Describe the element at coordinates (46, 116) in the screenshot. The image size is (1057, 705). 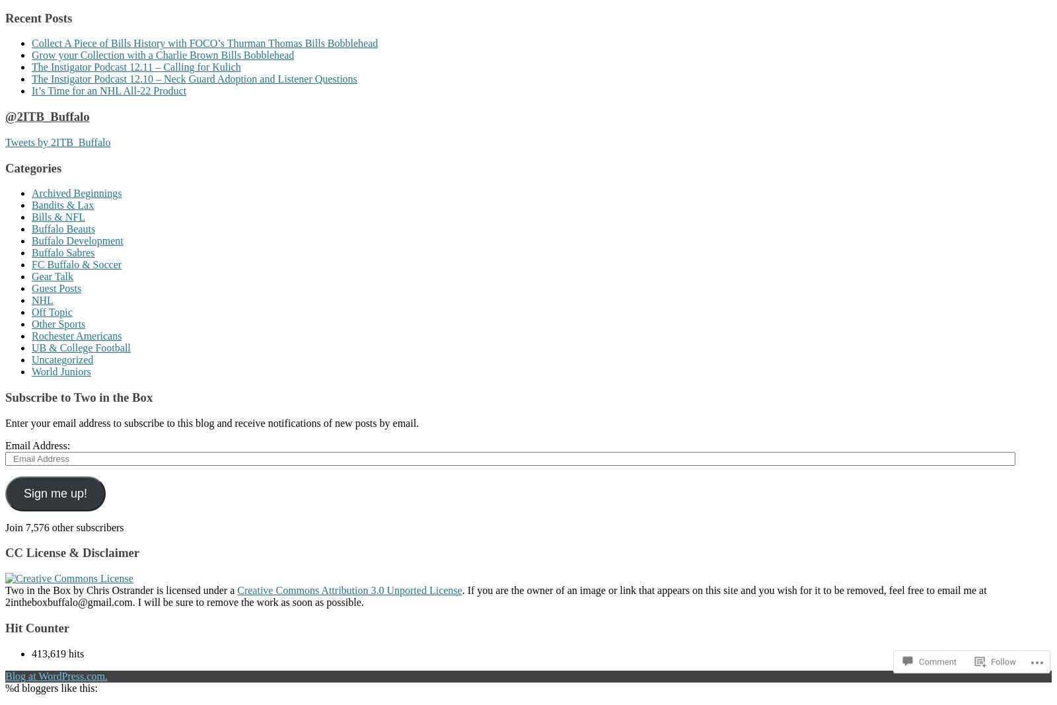
I see `'@2ITB_Buffalo'` at that location.